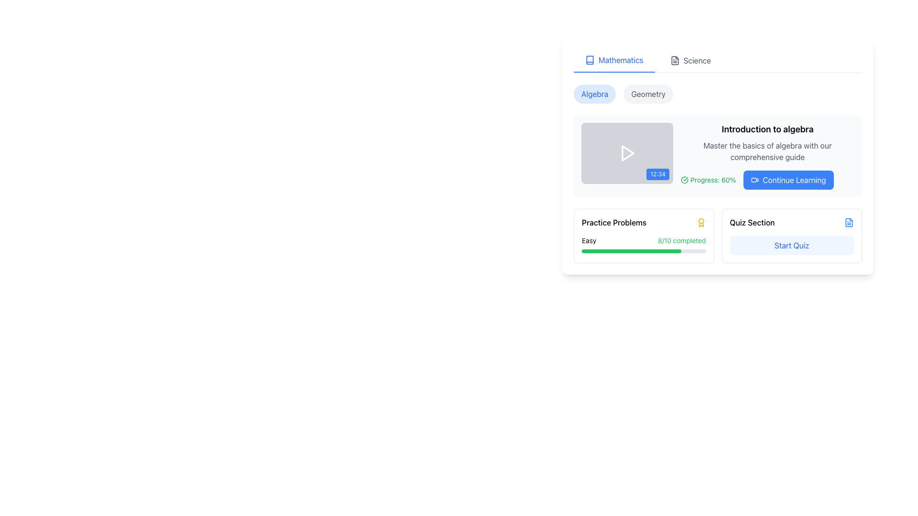  I want to click on the 'Algebra' button, which is a pill-shaped button with a blue background, so click(594, 94).